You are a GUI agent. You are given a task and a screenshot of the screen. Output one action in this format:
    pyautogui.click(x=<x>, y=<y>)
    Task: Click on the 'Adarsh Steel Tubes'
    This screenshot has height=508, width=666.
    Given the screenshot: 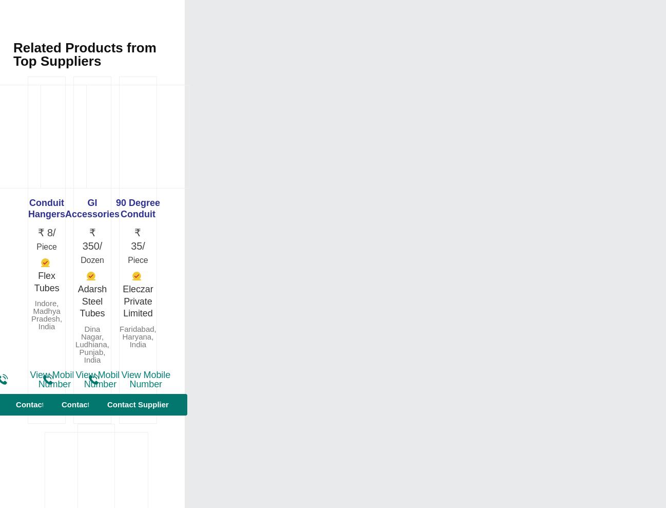 What is the action you would take?
    pyautogui.click(x=91, y=300)
    